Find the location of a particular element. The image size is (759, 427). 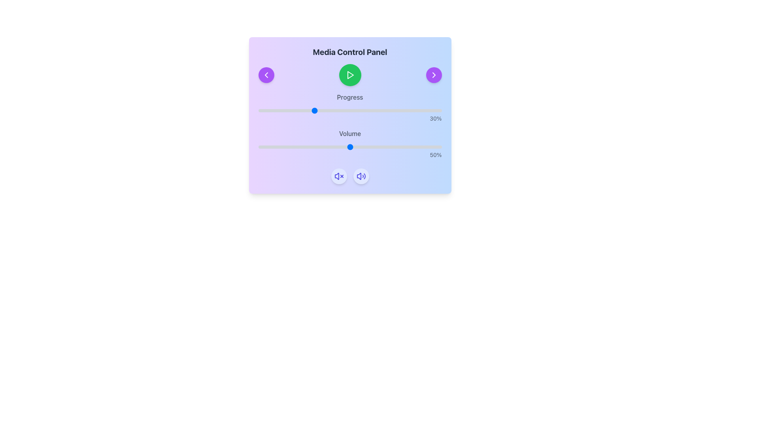

the circular mute button with a light indigo background and a crossed out speaker icon located at the bottom section of the media control panel to mute or unmute is located at coordinates (339, 176).